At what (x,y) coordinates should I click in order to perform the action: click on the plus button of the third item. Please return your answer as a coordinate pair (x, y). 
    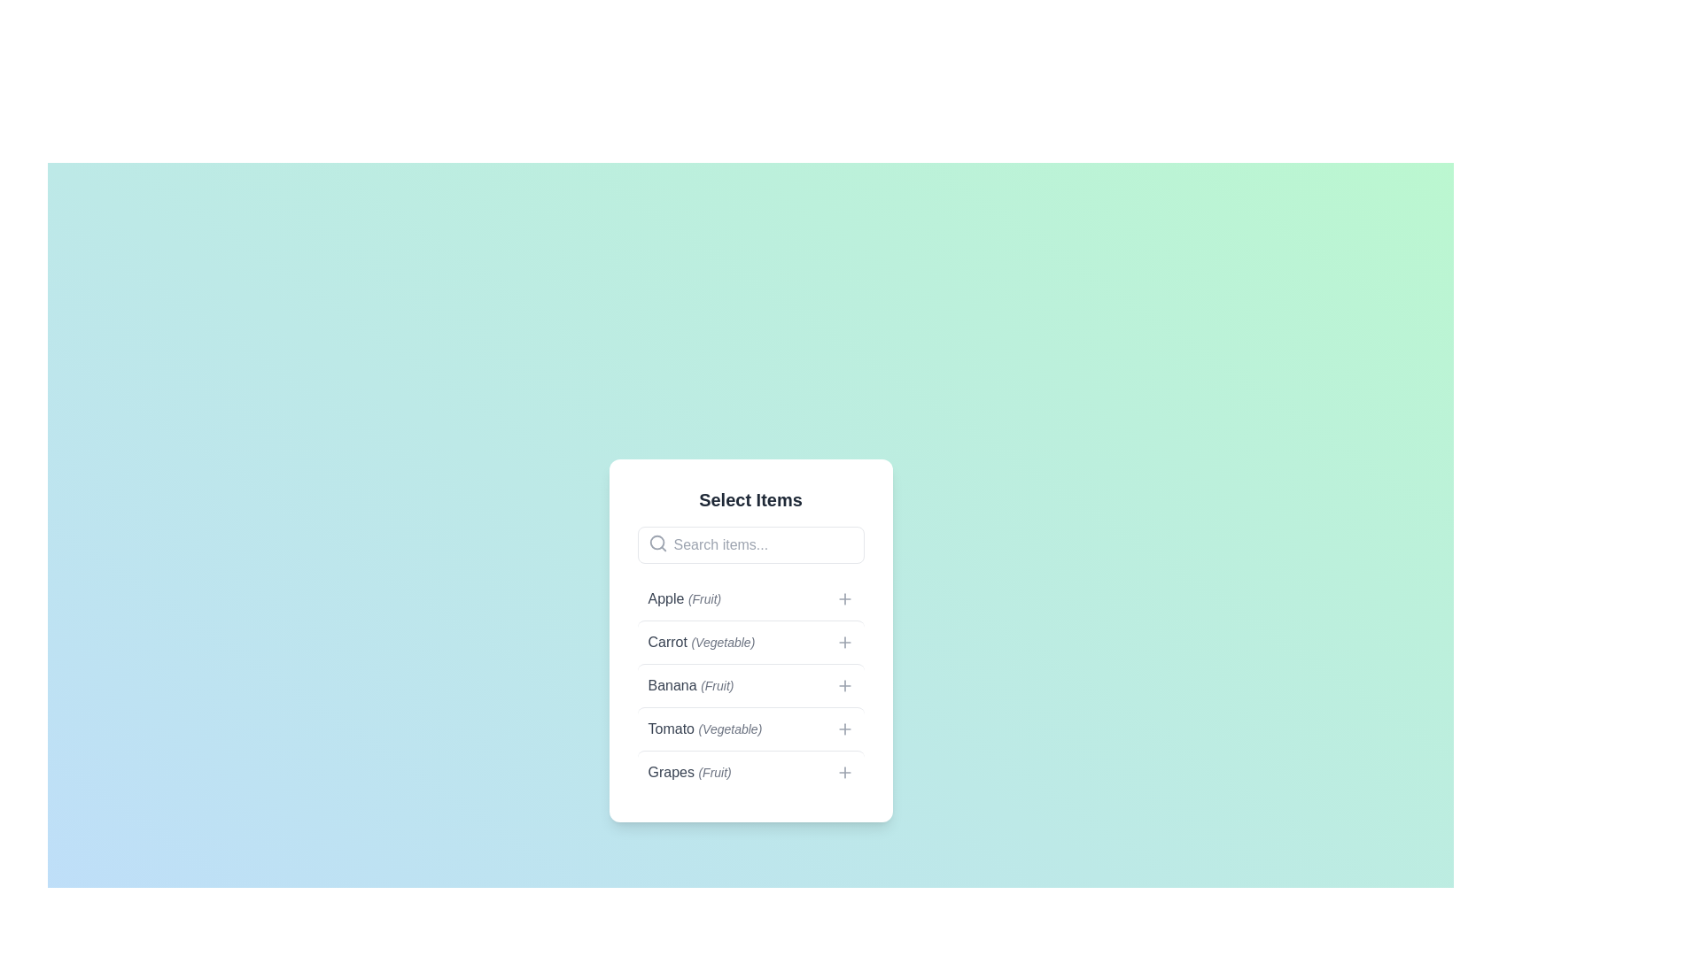
    Looking at the image, I should click on (750, 685).